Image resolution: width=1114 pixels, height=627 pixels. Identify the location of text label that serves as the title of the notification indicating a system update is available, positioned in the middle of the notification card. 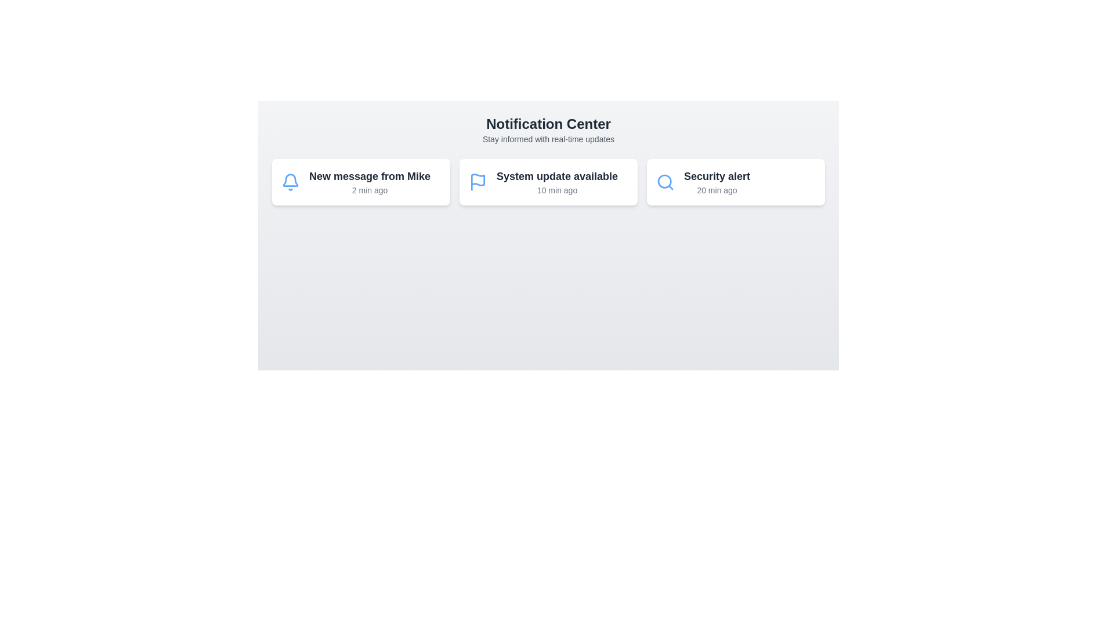
(557, 176).